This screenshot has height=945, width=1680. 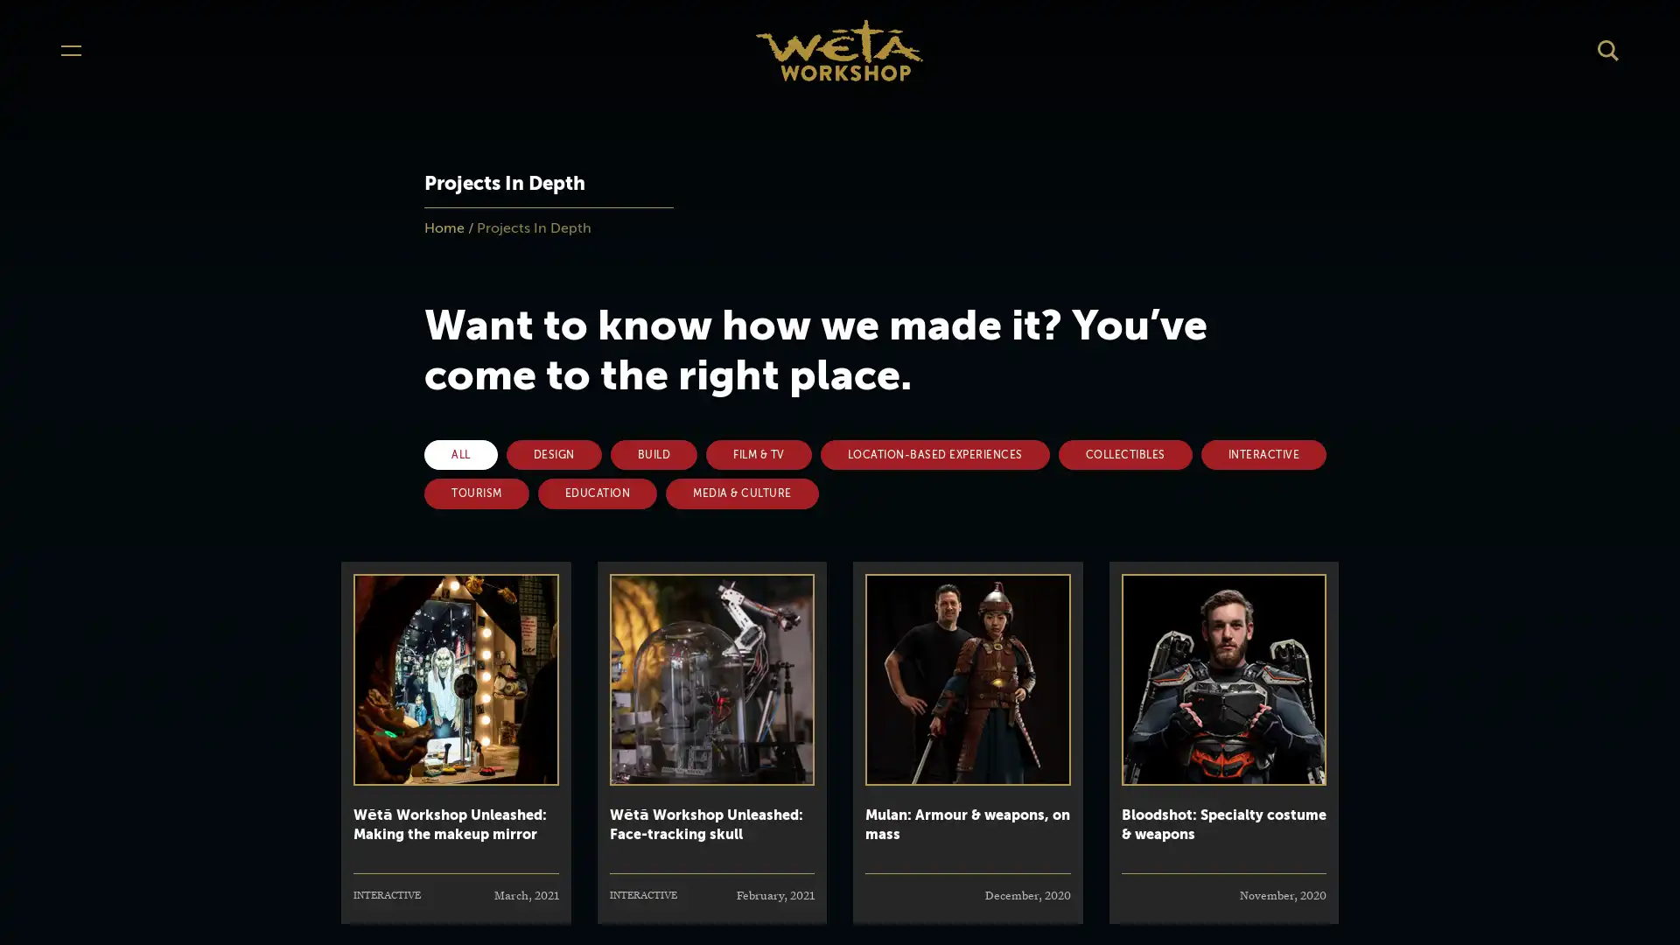 What do you see at coordinates (70, 49) in the screenshot?
I see `Toggle navigation` at bounding box center [70, 49].